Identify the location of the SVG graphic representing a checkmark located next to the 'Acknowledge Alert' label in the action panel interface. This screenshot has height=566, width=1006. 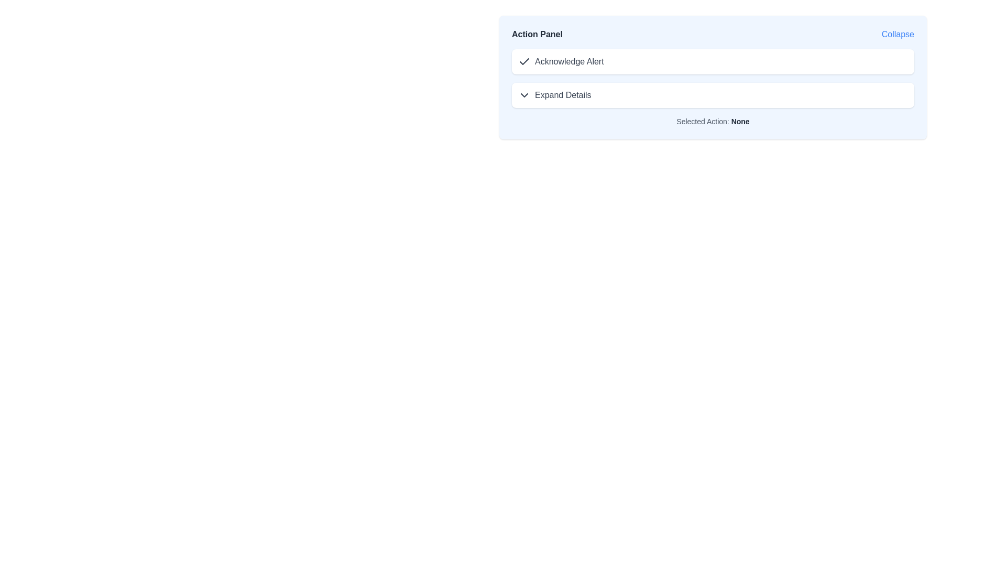
(524, 61).